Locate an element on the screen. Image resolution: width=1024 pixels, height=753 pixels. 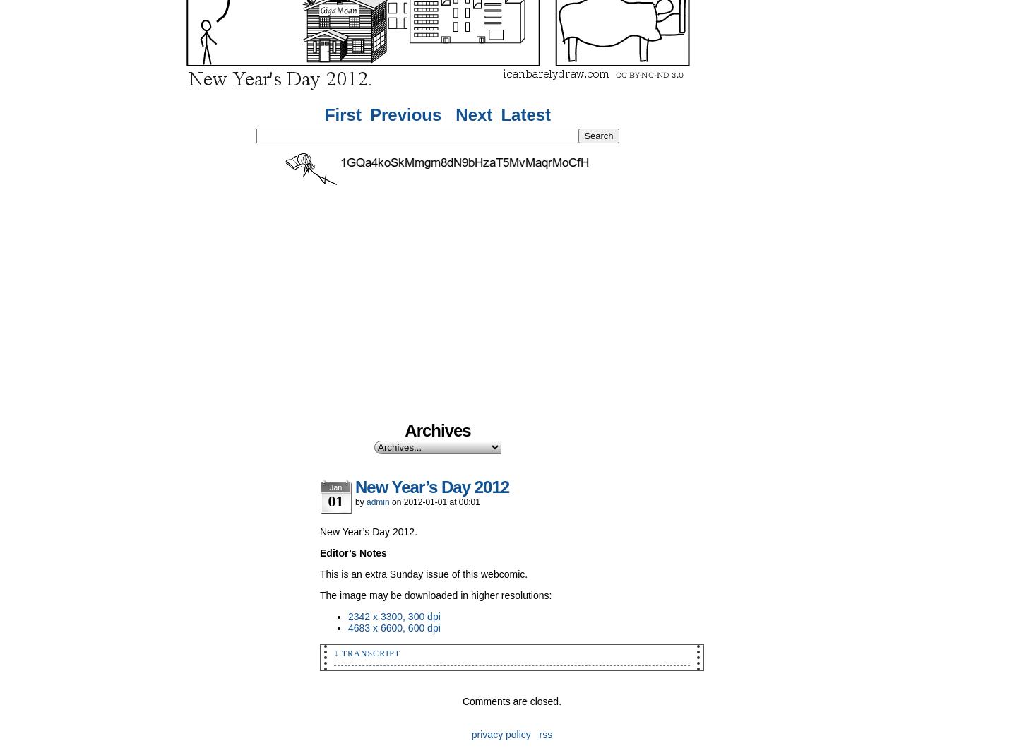
'00:01' is located at coordinates (468, 502).